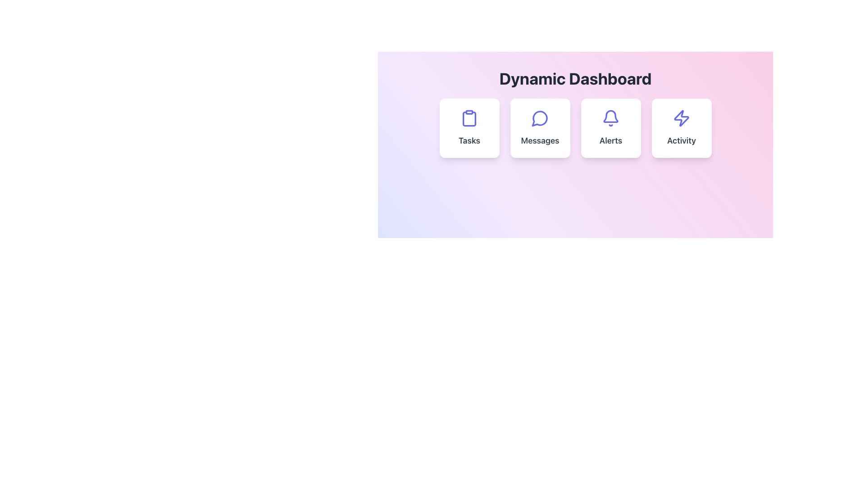 This screenshot has width=865, height=486. Describe the element at coordinates (540, 140) in the screenshot. I see `the bottom text element that acts as a label for the 'Messages' section, centrally aligned within a white, rounded rectangle` at that location.